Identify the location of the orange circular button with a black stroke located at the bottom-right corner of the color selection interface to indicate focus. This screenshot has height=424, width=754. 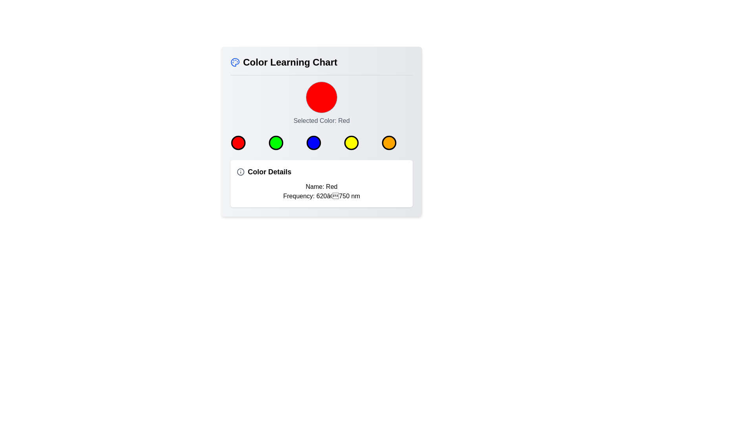
(389, 143).